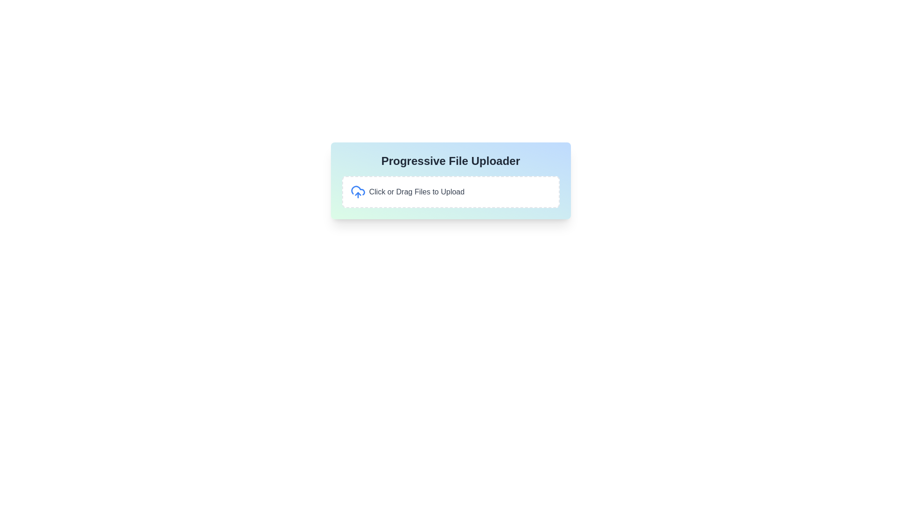 The height and width of the screenshot is (506, 900). I want to click on the File upload area within the 'Progressive File Uploader' card, so click(450, 191).